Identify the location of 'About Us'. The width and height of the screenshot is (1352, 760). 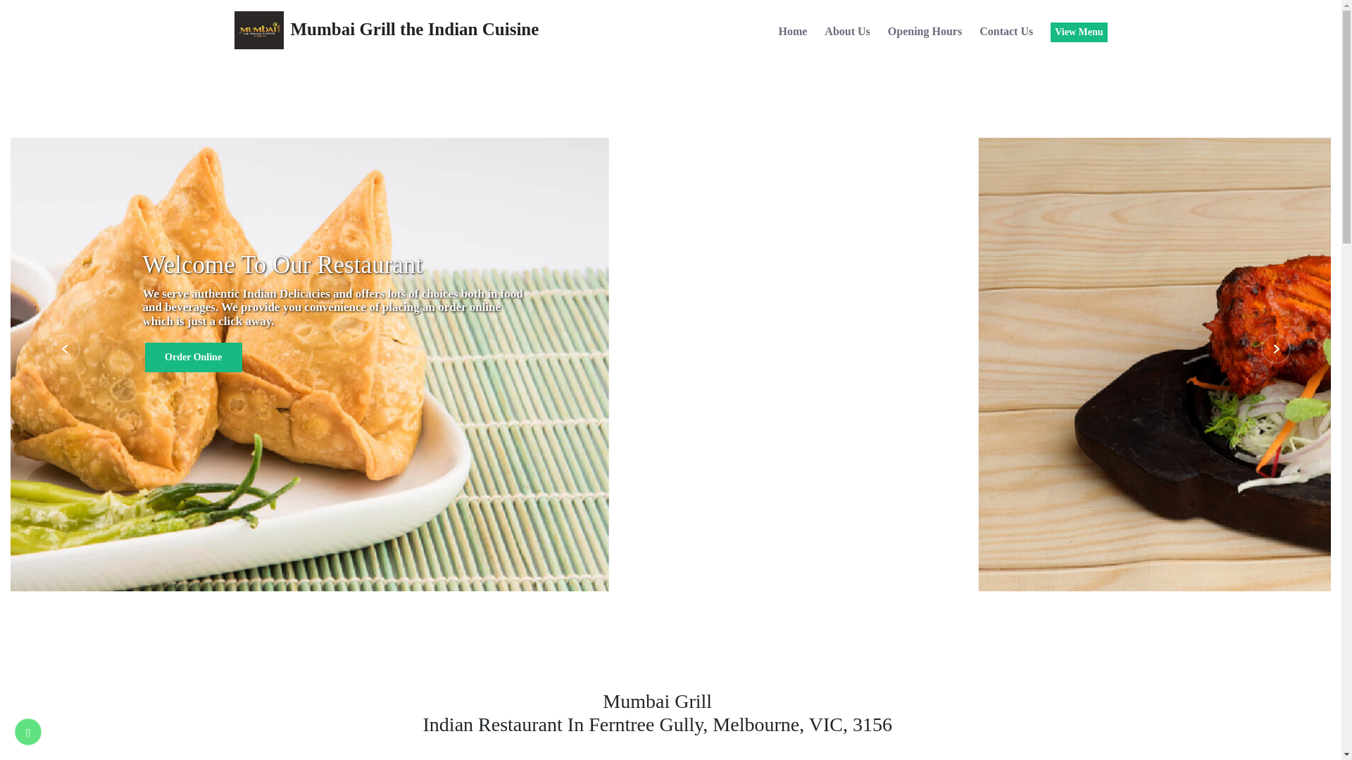
(825, 32).